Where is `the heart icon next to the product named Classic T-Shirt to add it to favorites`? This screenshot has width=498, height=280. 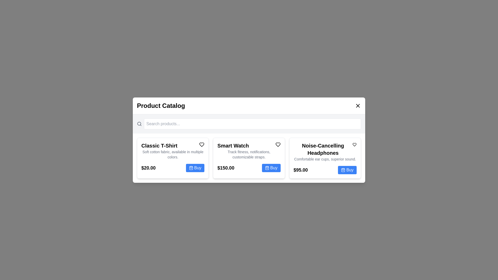
the heart icon next to the product named Classic T-Shirt to add it to favorites is located at coordinates (202, 144).